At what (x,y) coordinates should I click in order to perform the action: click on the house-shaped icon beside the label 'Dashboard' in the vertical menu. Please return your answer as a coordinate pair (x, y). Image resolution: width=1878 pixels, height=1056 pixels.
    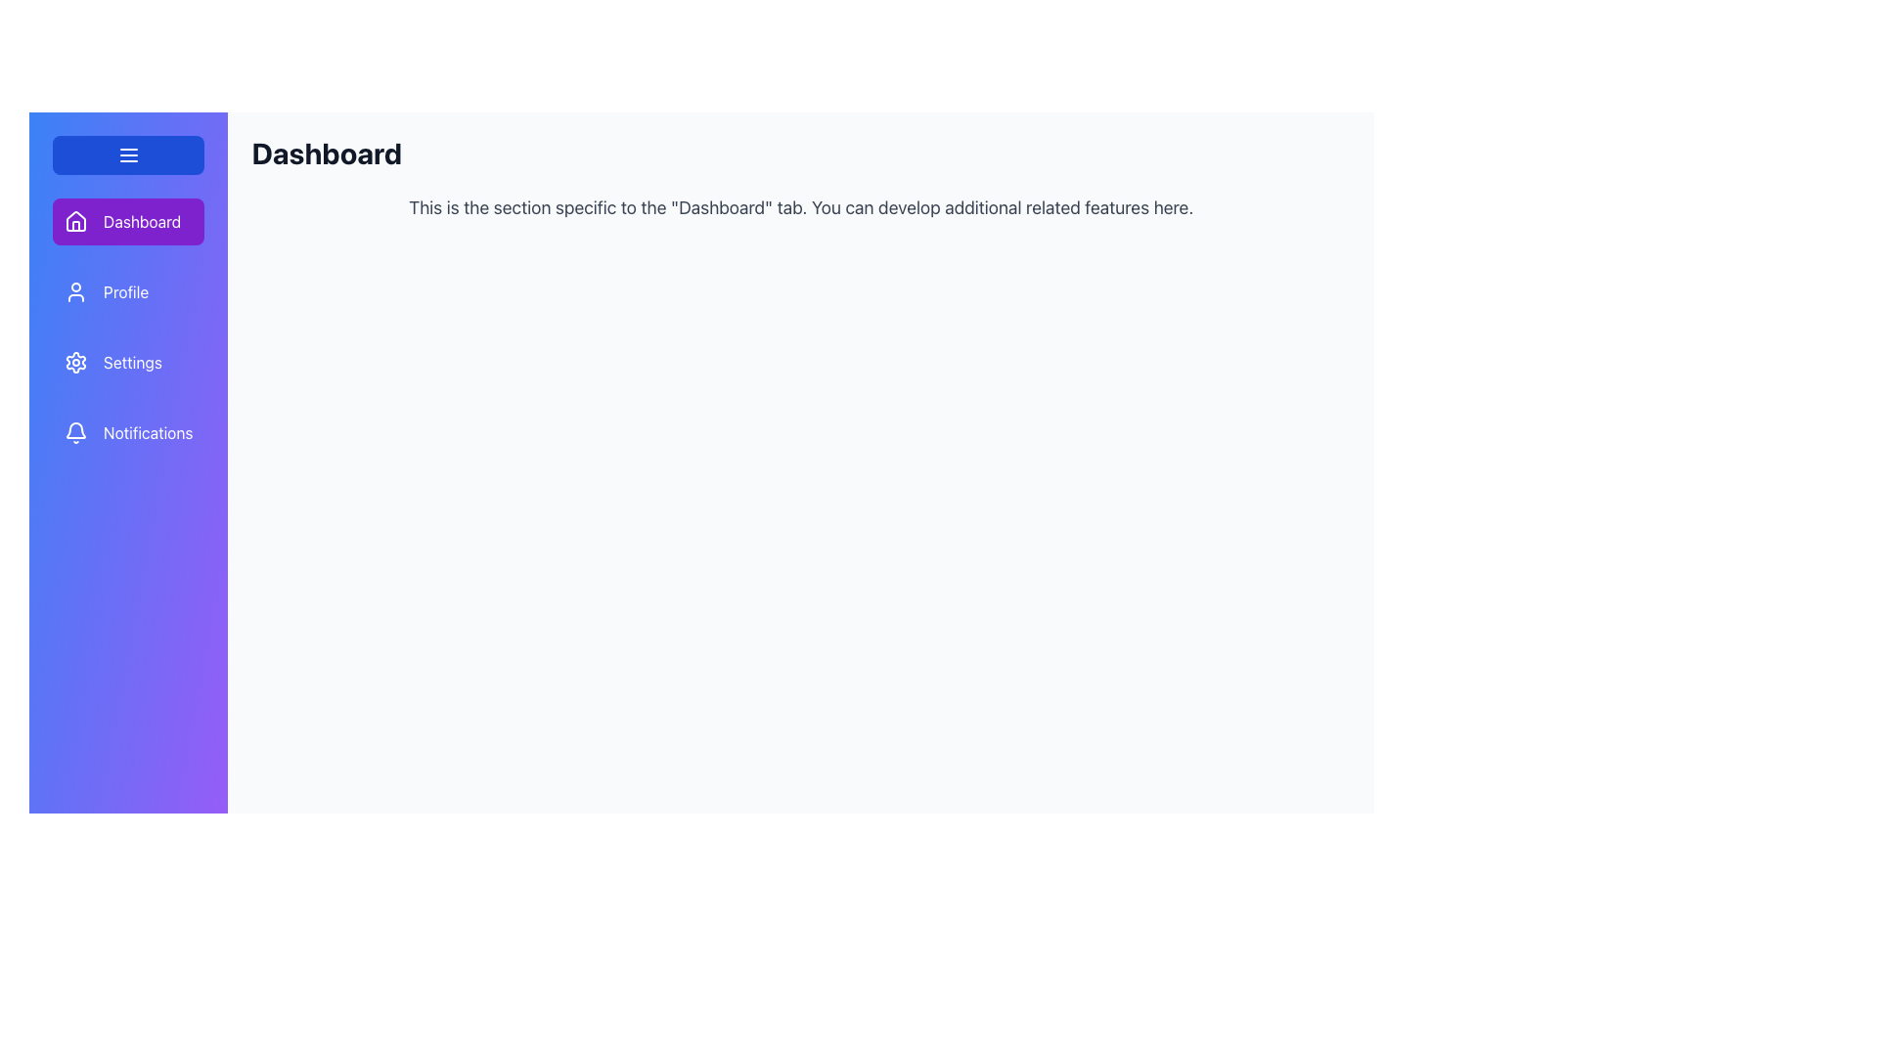
    Looking at the image, I should click on (75, 221).